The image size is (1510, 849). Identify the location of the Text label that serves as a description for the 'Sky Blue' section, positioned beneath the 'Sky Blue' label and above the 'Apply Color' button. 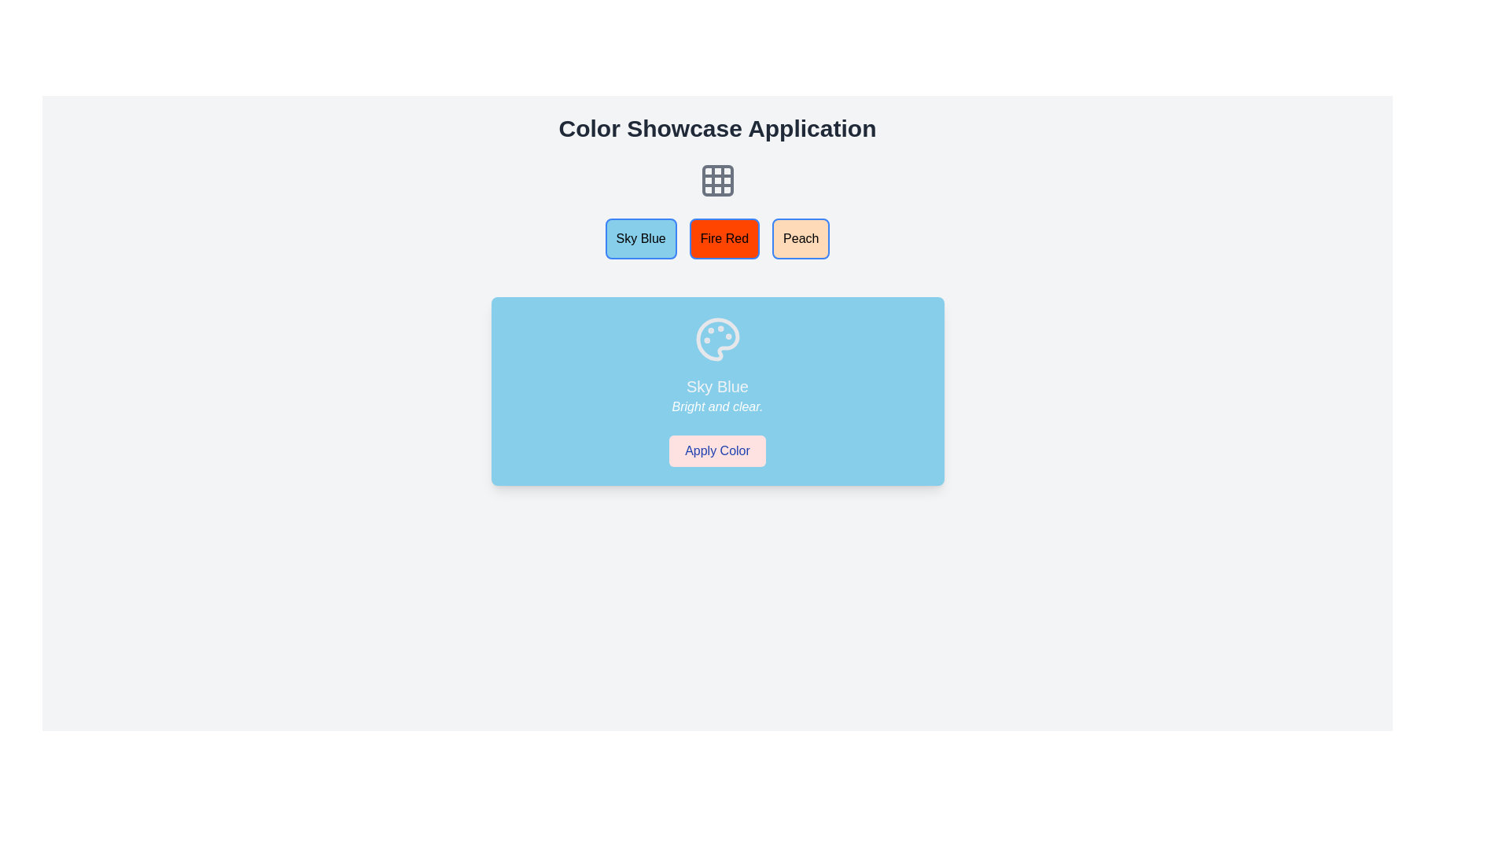
(716, 406).